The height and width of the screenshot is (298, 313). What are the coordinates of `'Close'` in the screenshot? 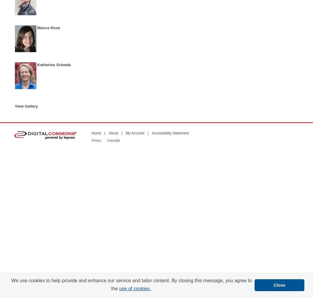 It's located at (279, 285).